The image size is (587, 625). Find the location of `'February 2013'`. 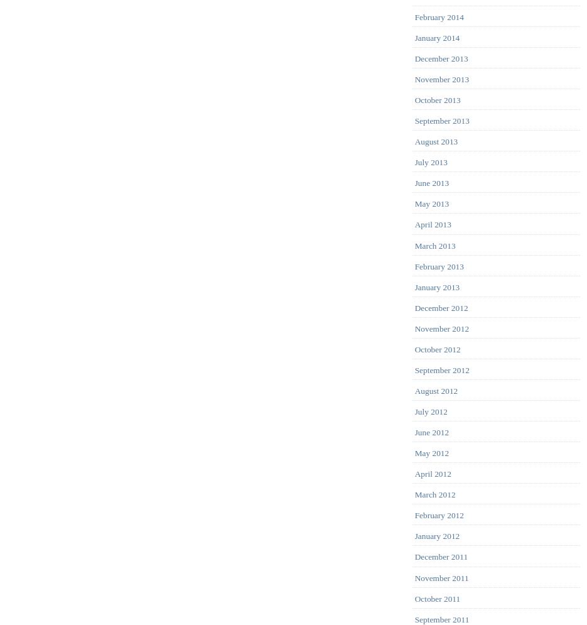

'February 2013' is located at coordinates (438, 265).